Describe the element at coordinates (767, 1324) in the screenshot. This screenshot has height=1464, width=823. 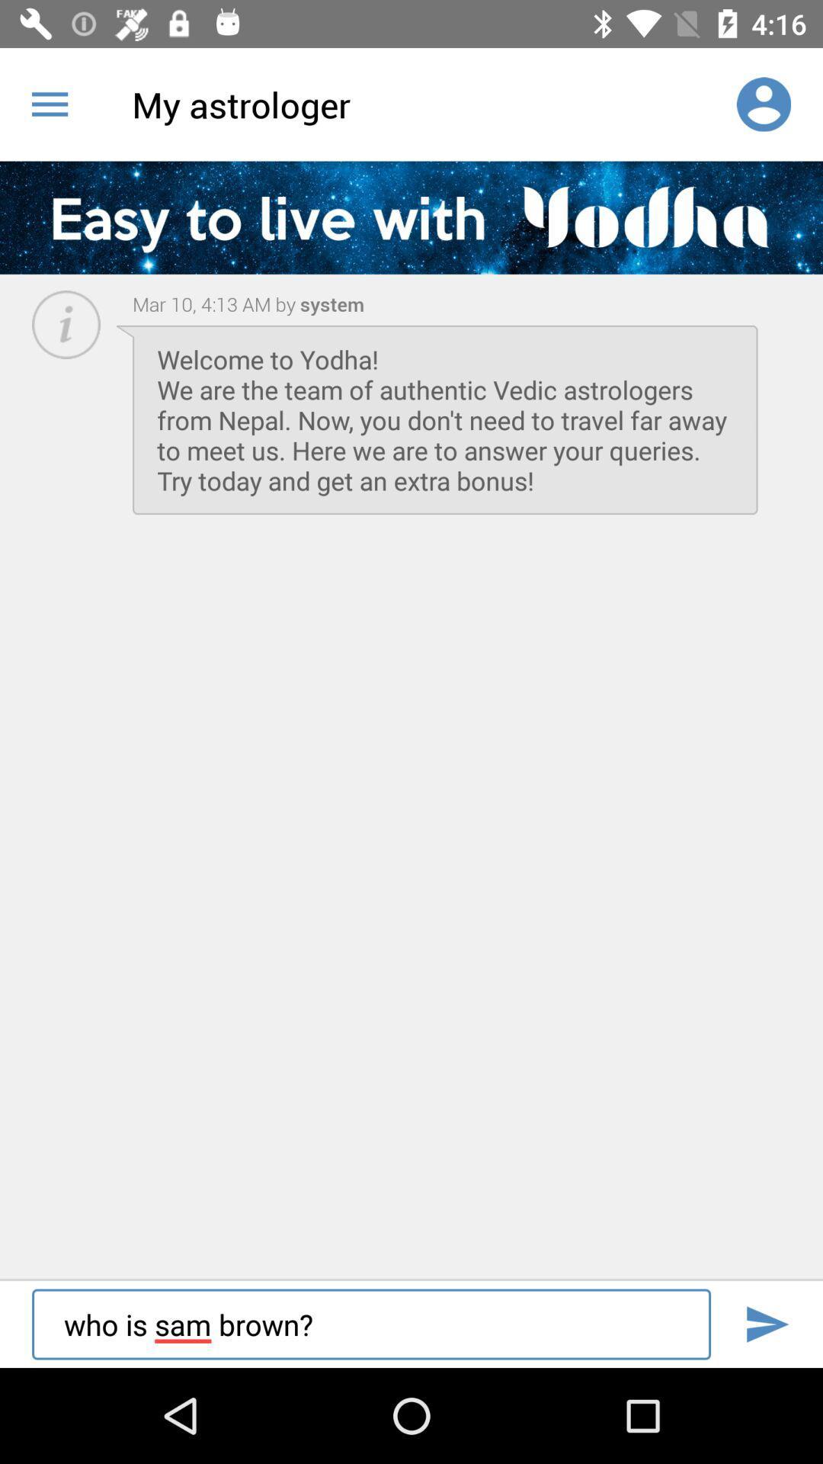
I see `item to the right of the who is sam icon` at that location.